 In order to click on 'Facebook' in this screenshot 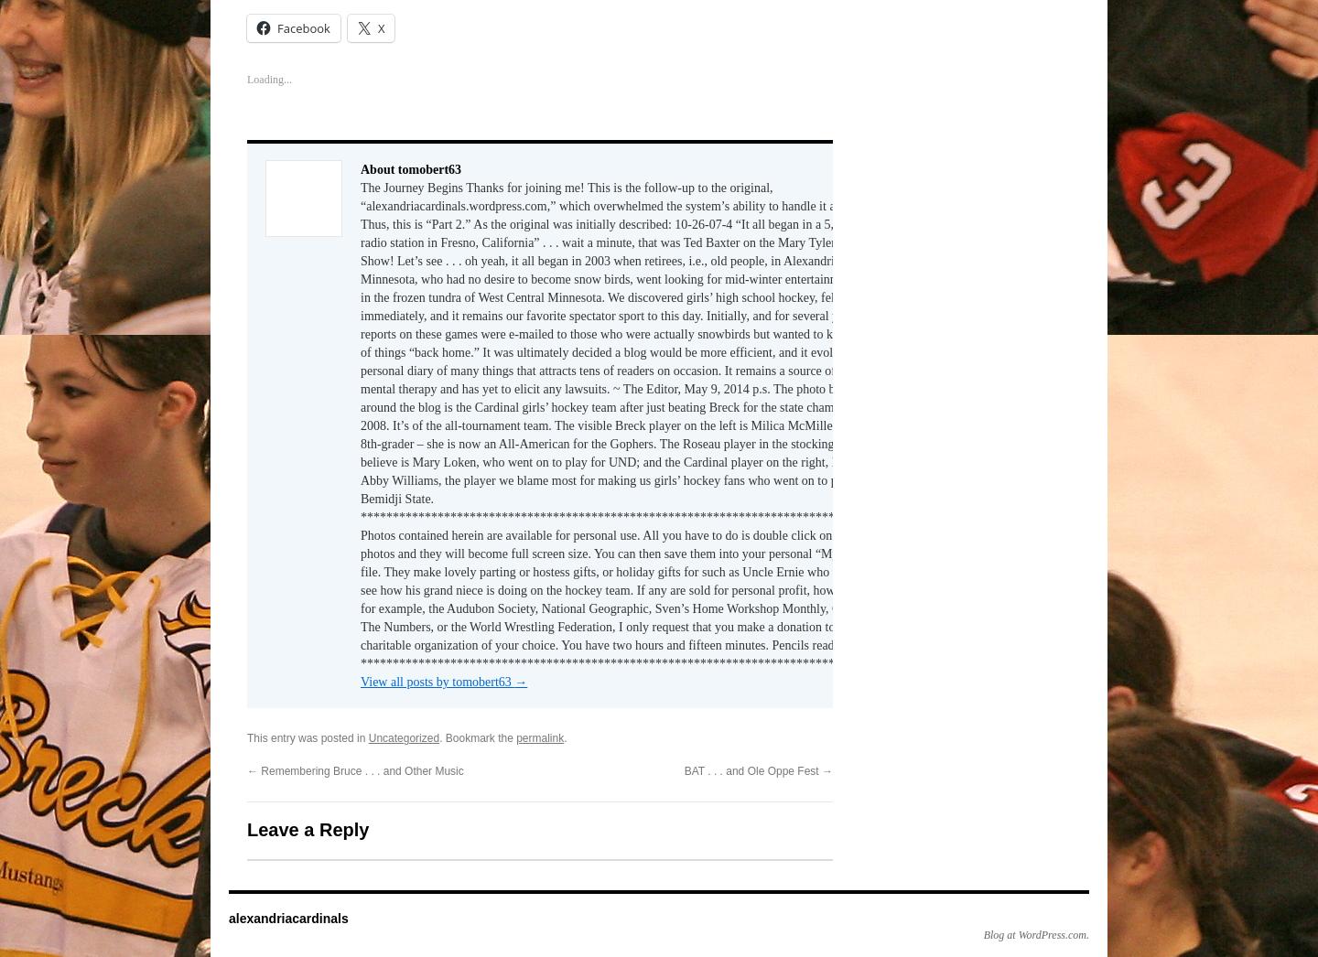, I will do `click(303, 27)`.